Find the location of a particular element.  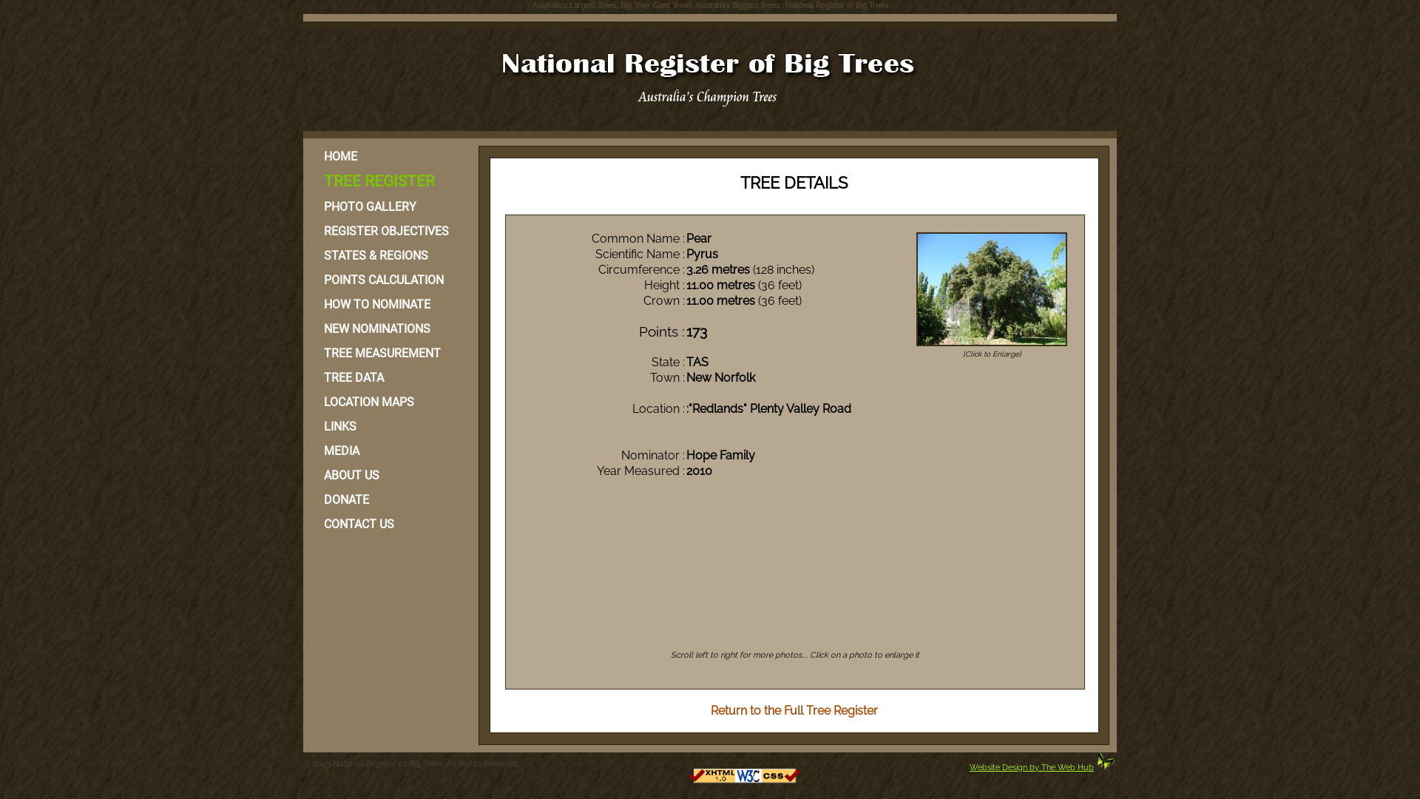

'HOW TO NOMINATE' is located at coordinates (389, 303).